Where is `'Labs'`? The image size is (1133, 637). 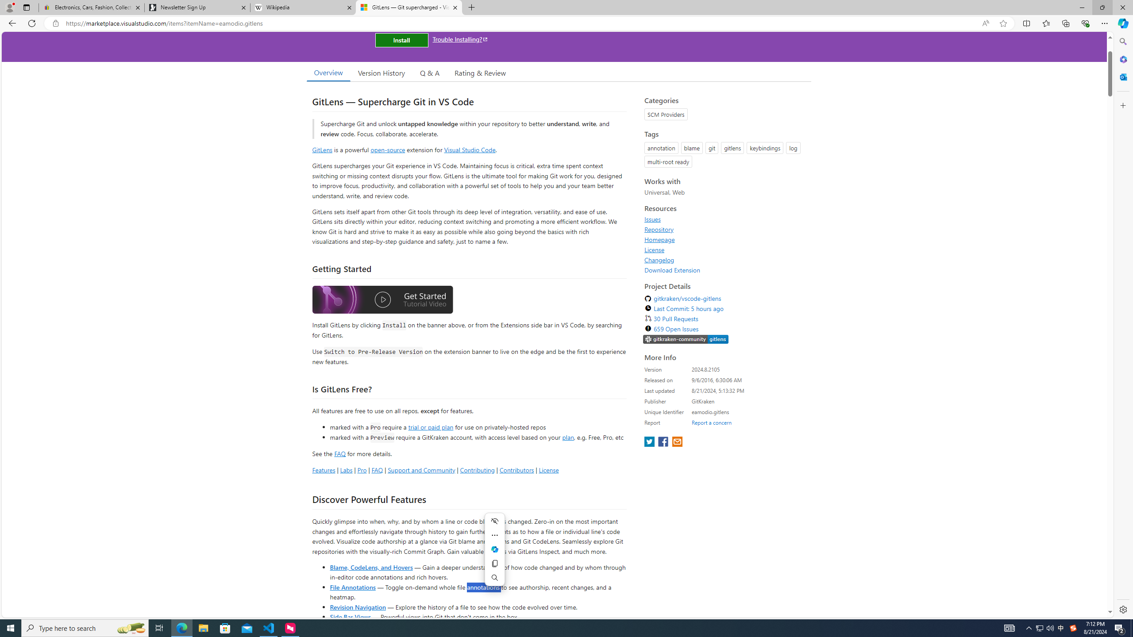 'Labs' is located at coordinates (346, 469).